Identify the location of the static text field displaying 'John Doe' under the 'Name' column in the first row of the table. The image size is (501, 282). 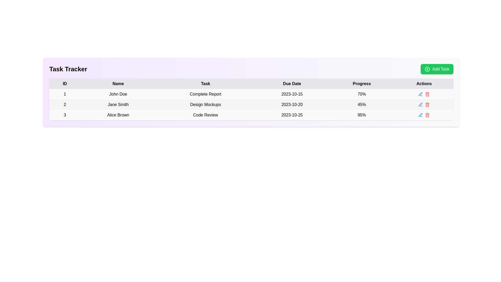
(118, 94).